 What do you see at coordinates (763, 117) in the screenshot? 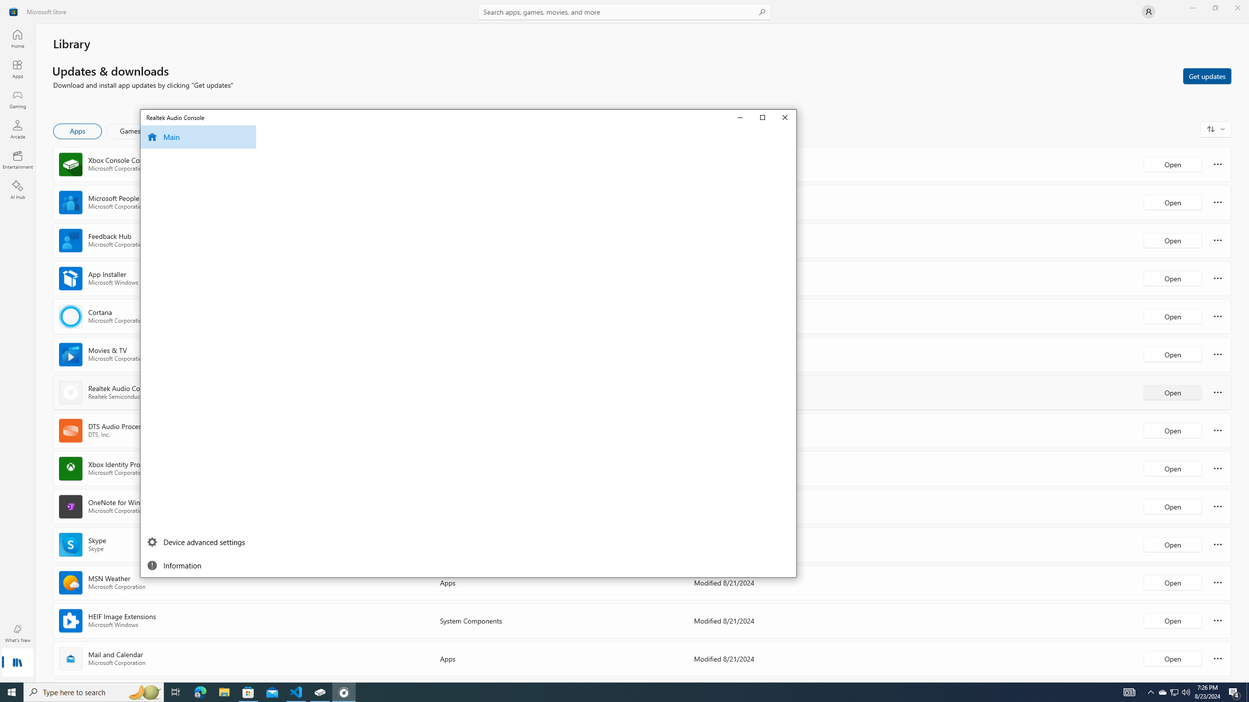
I see `'Maximize Realtek Audio Console'` at bounding box center [763, 117].